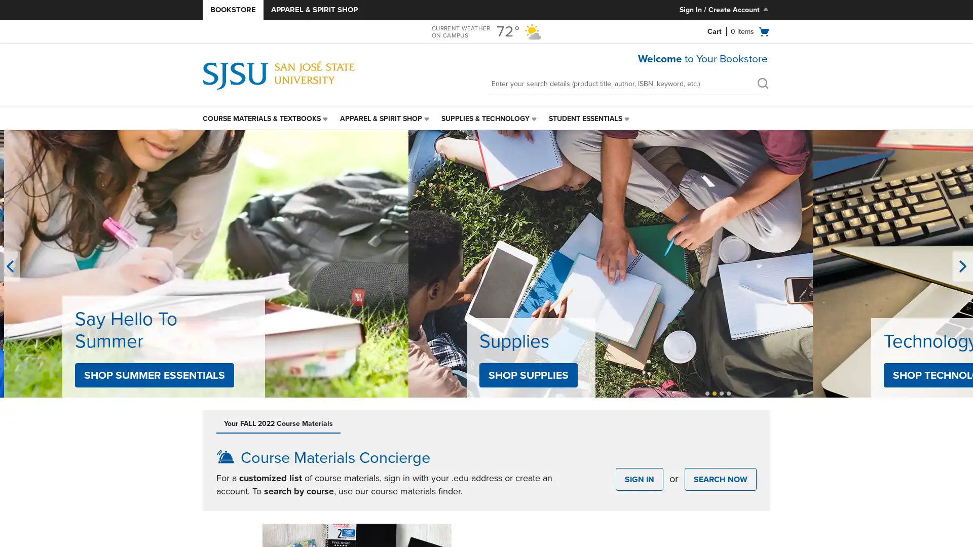  I want to click on Unselected, Slide 4, so click(728, 393).